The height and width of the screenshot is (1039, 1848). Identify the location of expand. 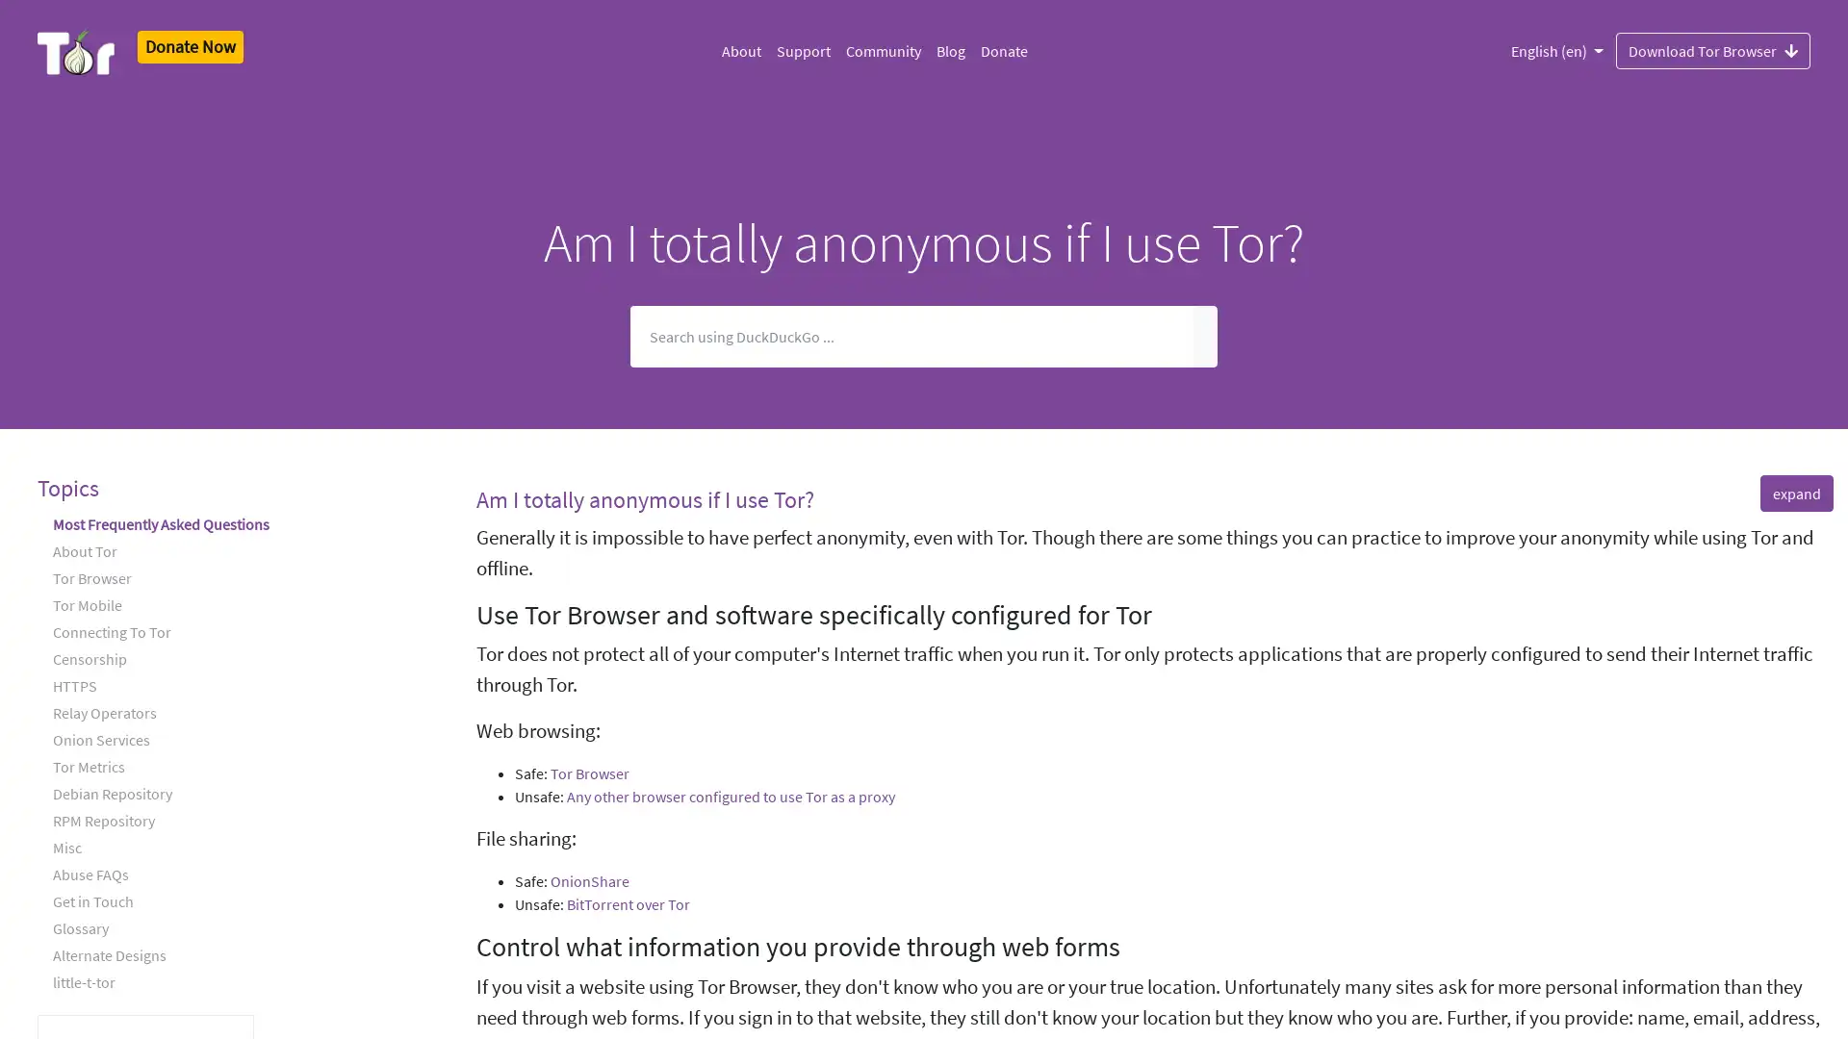
(1796, 492).